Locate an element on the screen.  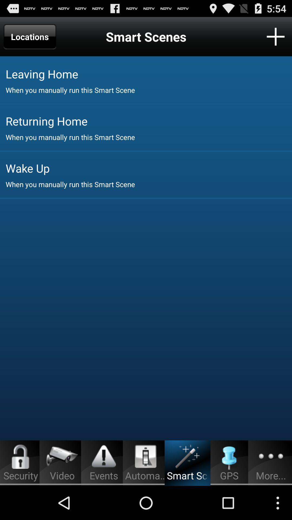
a smart scene is located at coordinates (276, 36).